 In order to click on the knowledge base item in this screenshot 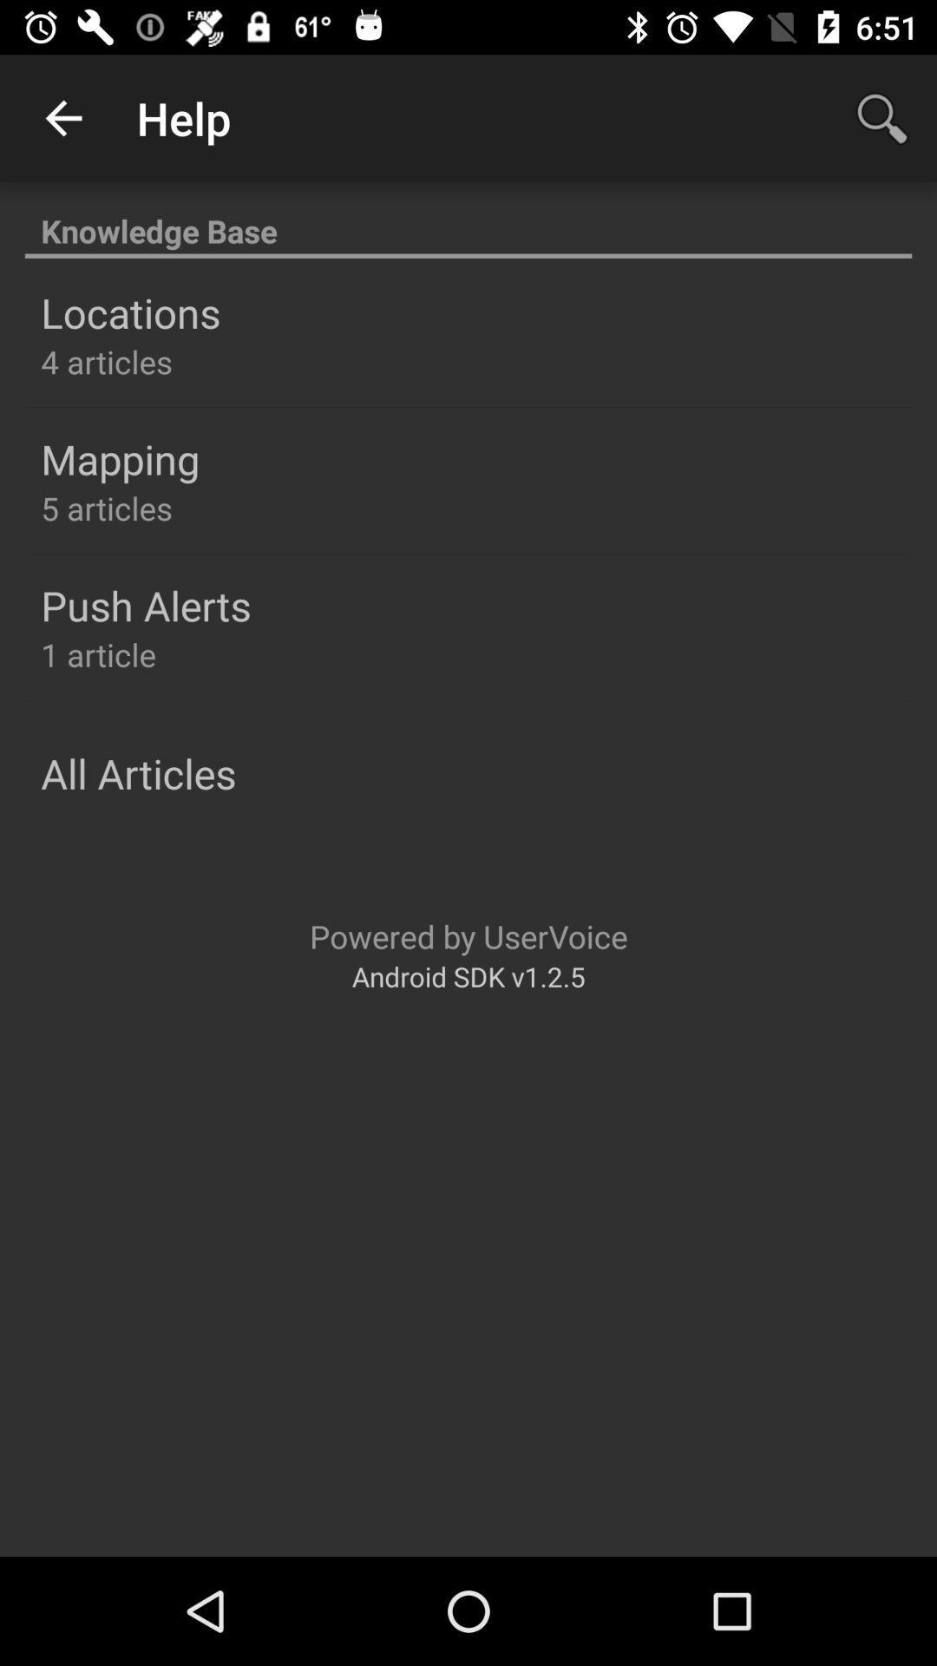, I will do `click(468, 220)`.